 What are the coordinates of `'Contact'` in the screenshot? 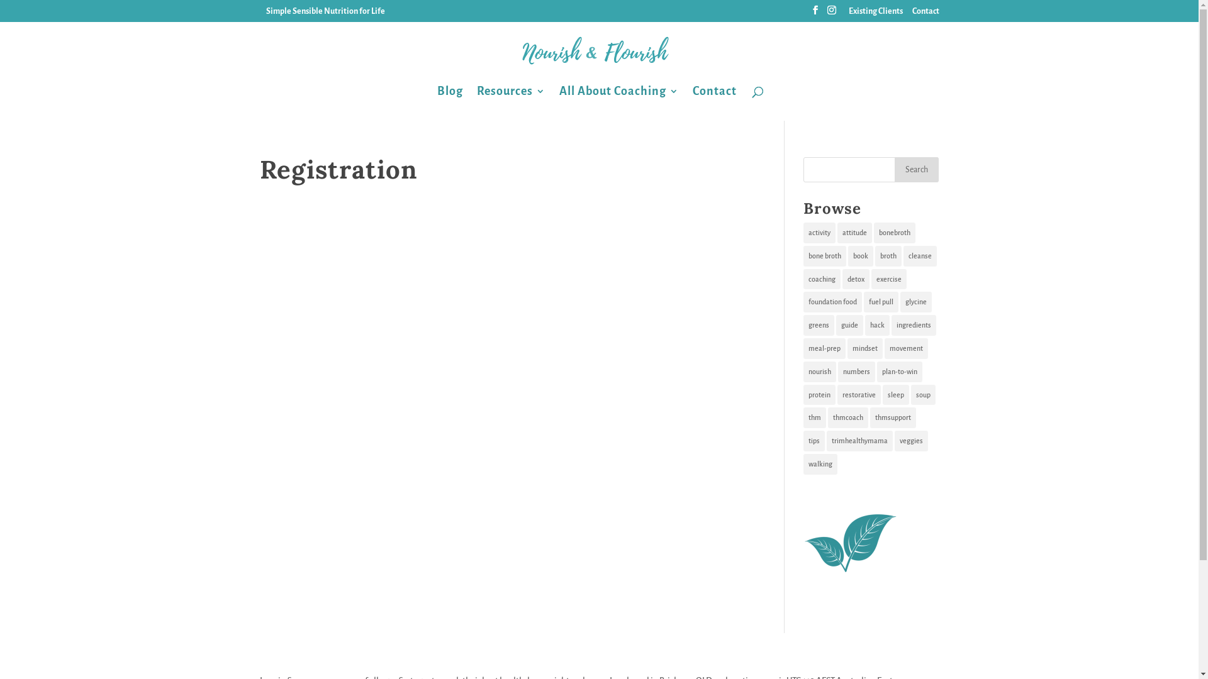 It's located at (926, 14).